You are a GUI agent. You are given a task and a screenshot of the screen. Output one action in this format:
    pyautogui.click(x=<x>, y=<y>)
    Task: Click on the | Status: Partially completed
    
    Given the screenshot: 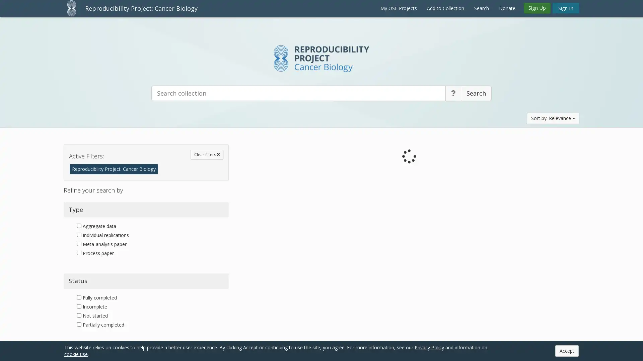 What is the action you would take?
    pyautogui.click(x=347, y=343)
    